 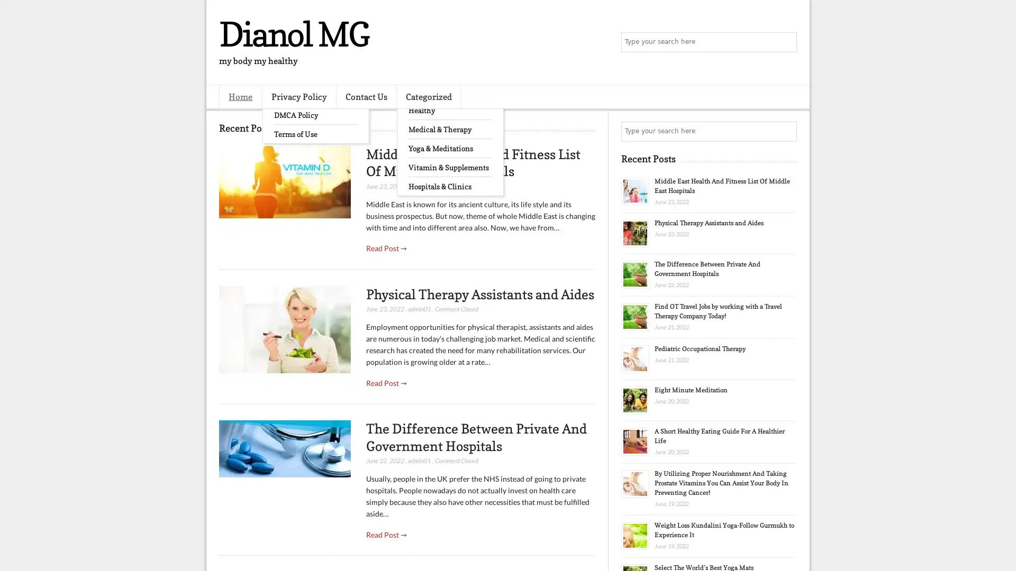 I want to click on Search, so click(x=786, y=131).